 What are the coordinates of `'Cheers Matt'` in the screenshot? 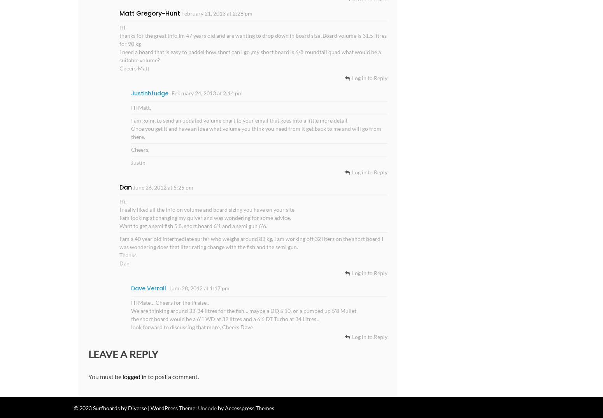 It's located at (133, 68).